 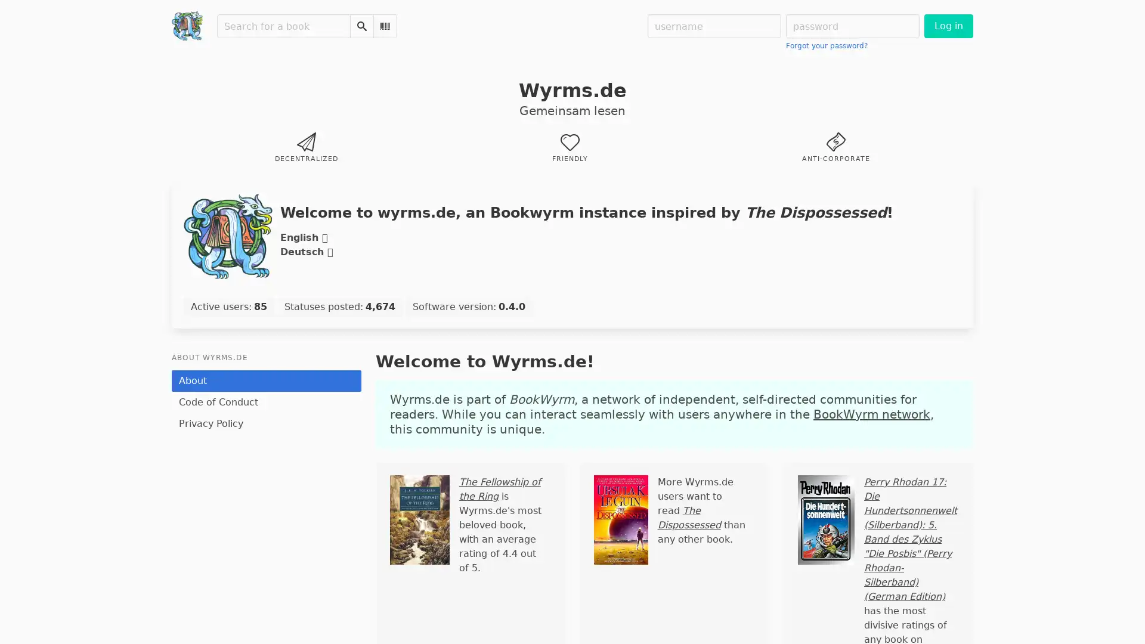 What do you see at coordinates (385, 26) in the screenshot?
I see `Scan Barcode` at bounding box center [385, 26].